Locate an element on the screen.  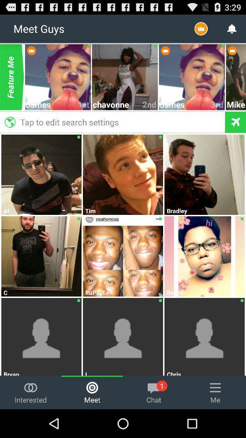
the icon below tap to edit item is located at coordinates (123, 132).